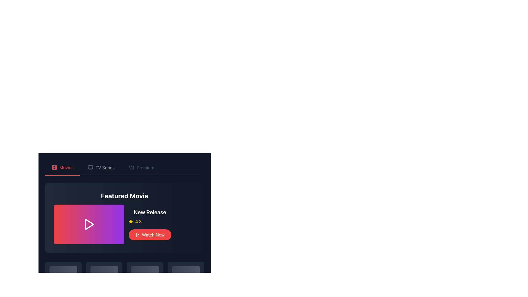  I want to click on the disabled 'Premium' button, which is the third item in the horizontal navigation menu for accessing premium content, so click(141, 167).